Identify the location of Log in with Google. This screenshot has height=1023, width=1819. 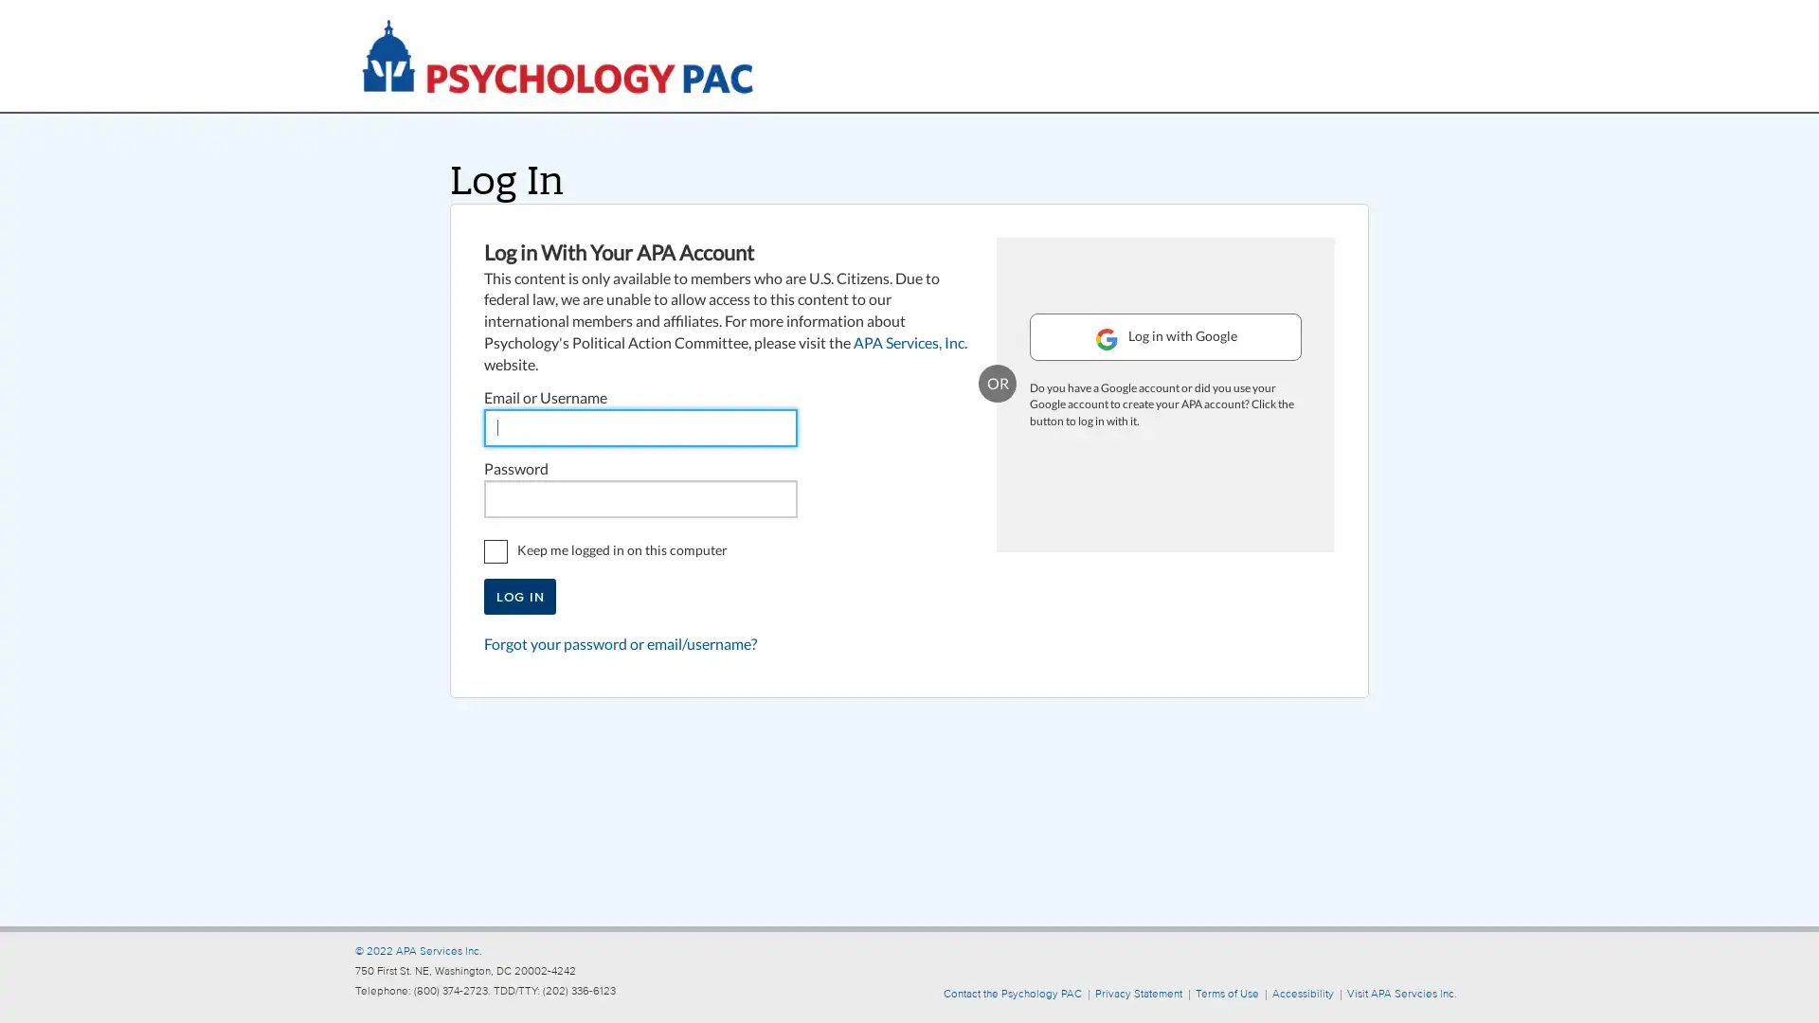
(1163, 335).